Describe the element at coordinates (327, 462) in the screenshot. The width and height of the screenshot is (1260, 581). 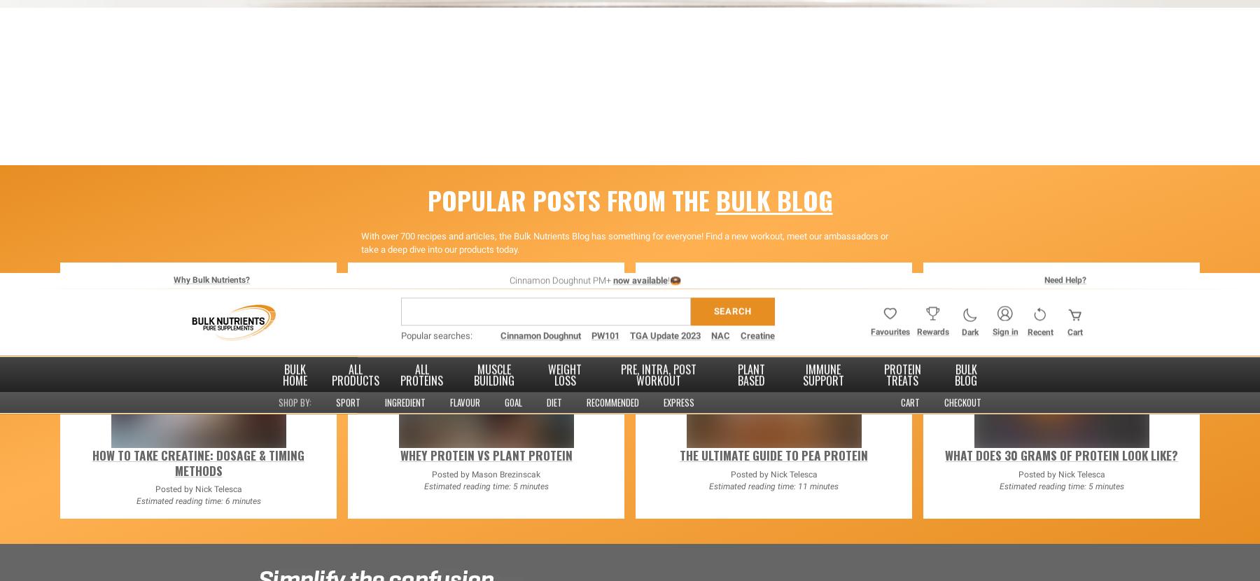
I see `'Shop by Sport'` at that location.